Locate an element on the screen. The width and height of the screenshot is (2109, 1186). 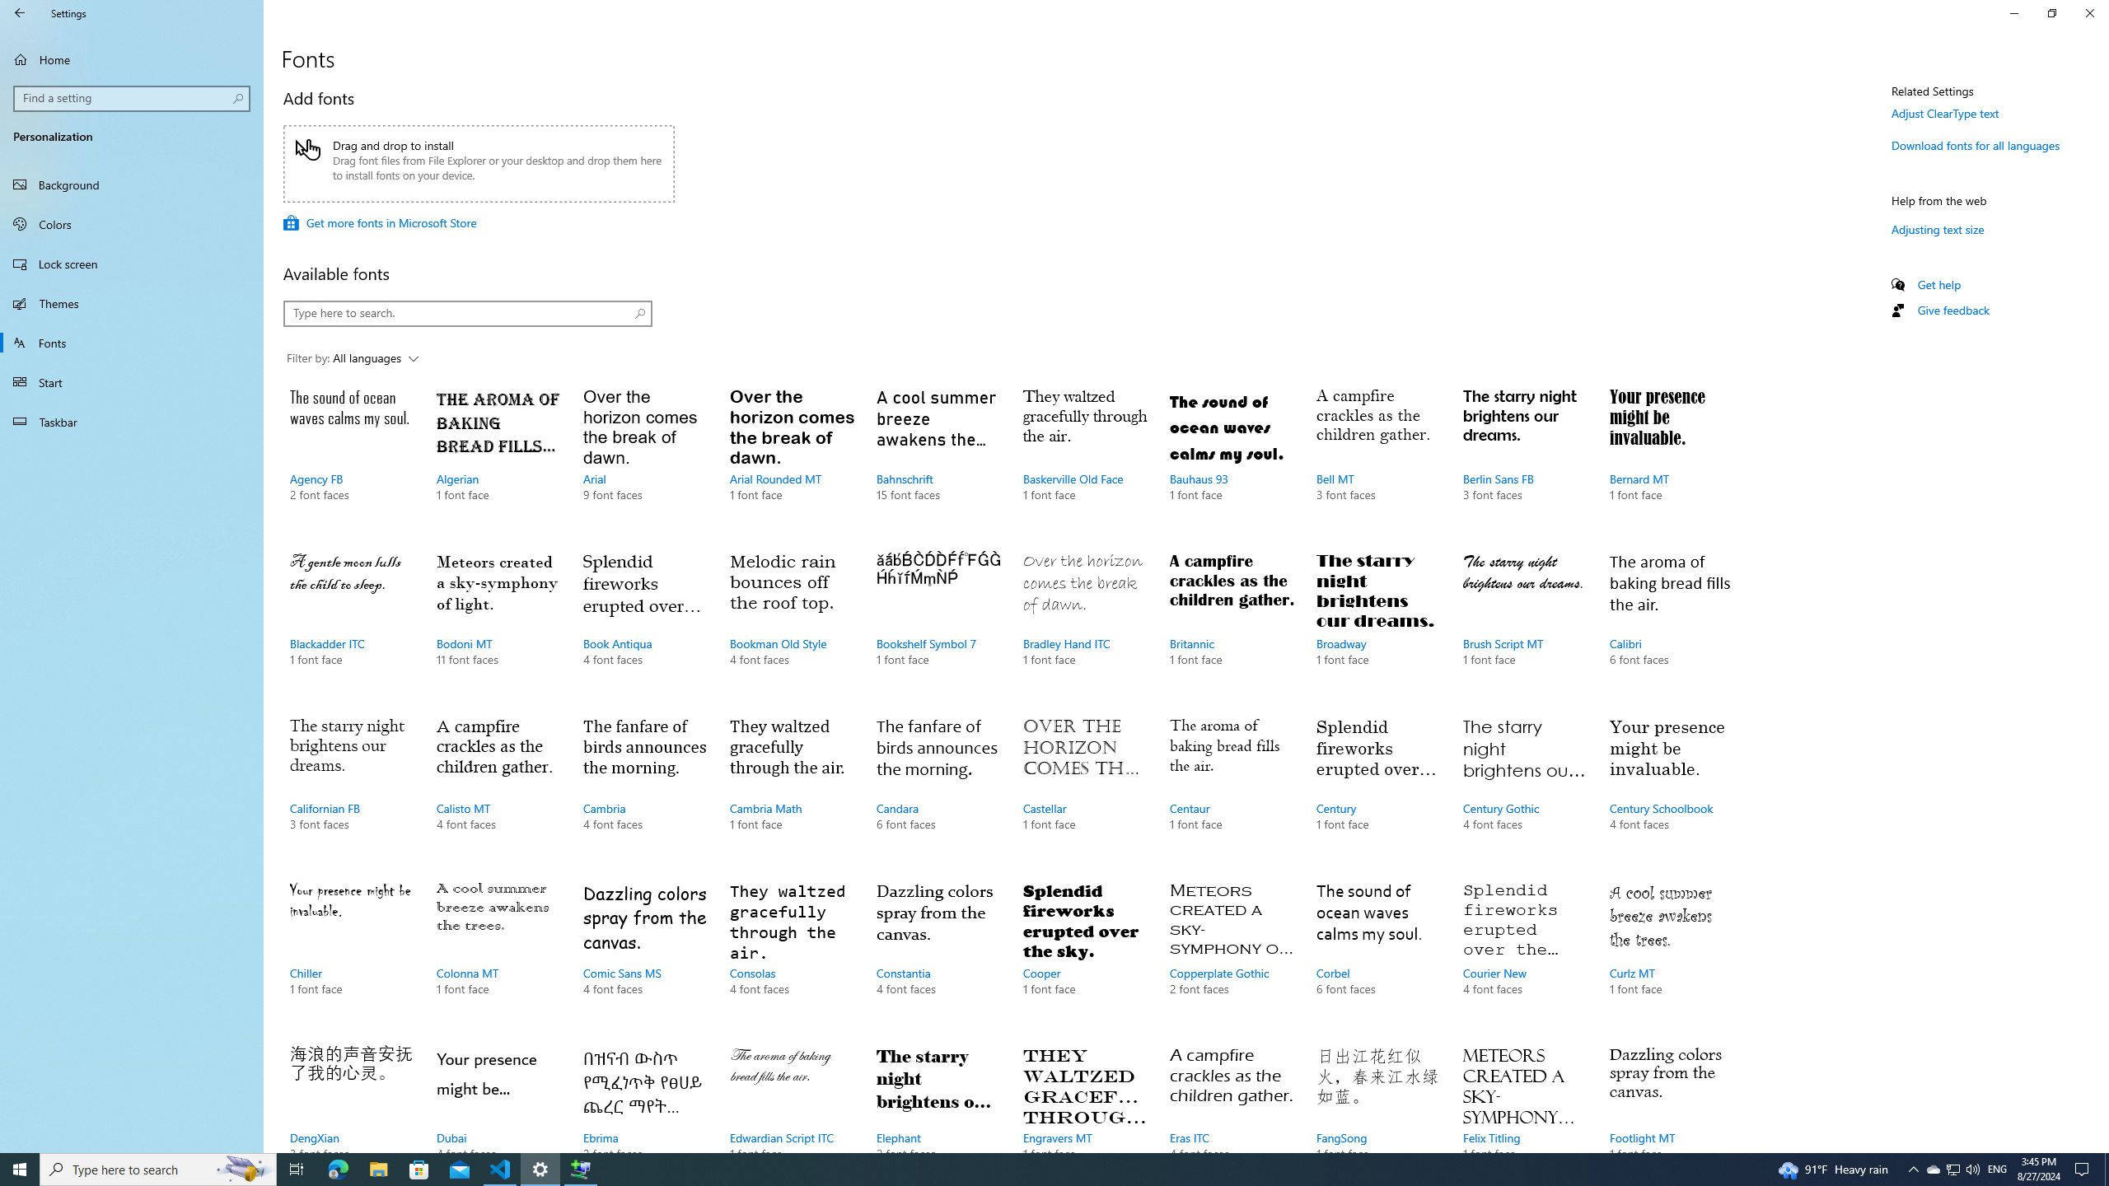
'Century Schoolbook, 4 font faces' is located at coordinates (1670, 789).